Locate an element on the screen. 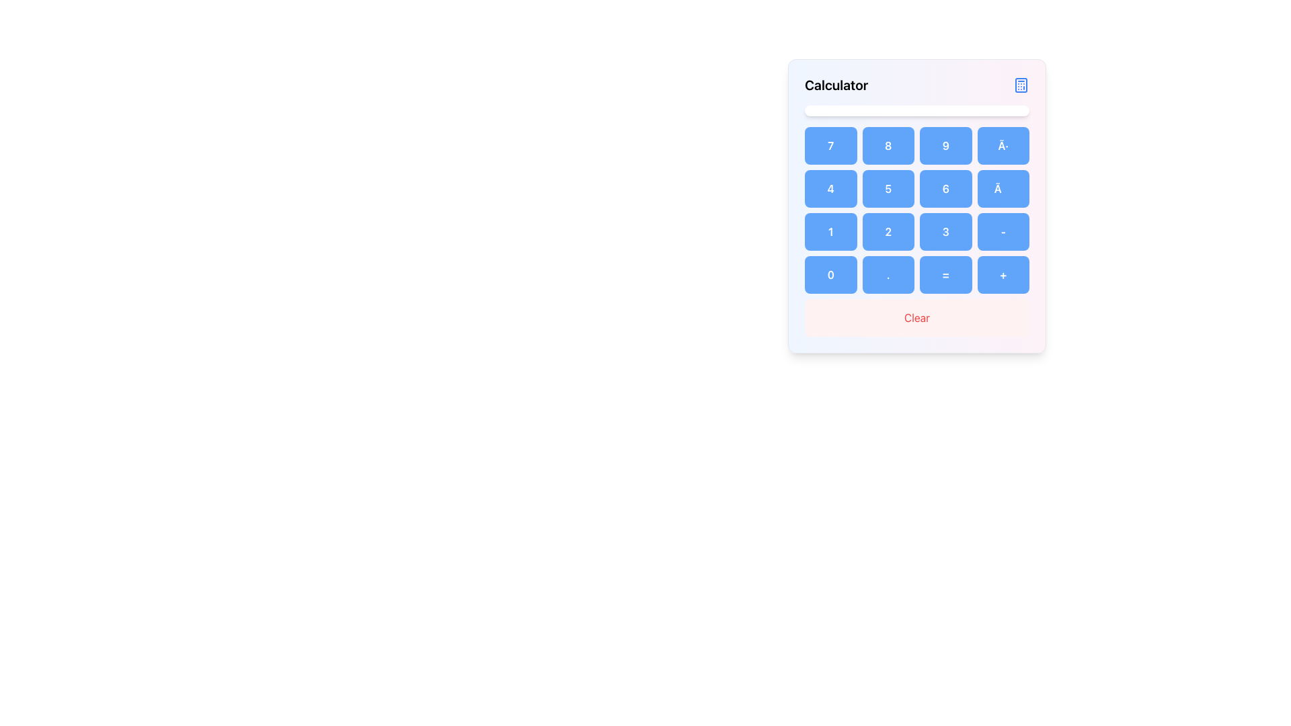  the visual design component in the upper-right corner of the calculator's button layout, which represents its outer boundary or housing is located at coordinates (1021, 85).